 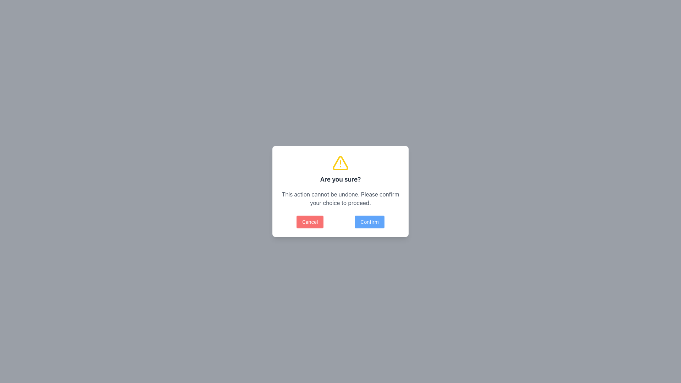 What do you see at coordinates (340, 163) in the screenshot?
I see `the warning icon located at the center of the modal dialog box, positioned above the text 'Are you sure?' and between the 'Cancel' and 'Confirm' buttons` at bounding box center [340, 163].